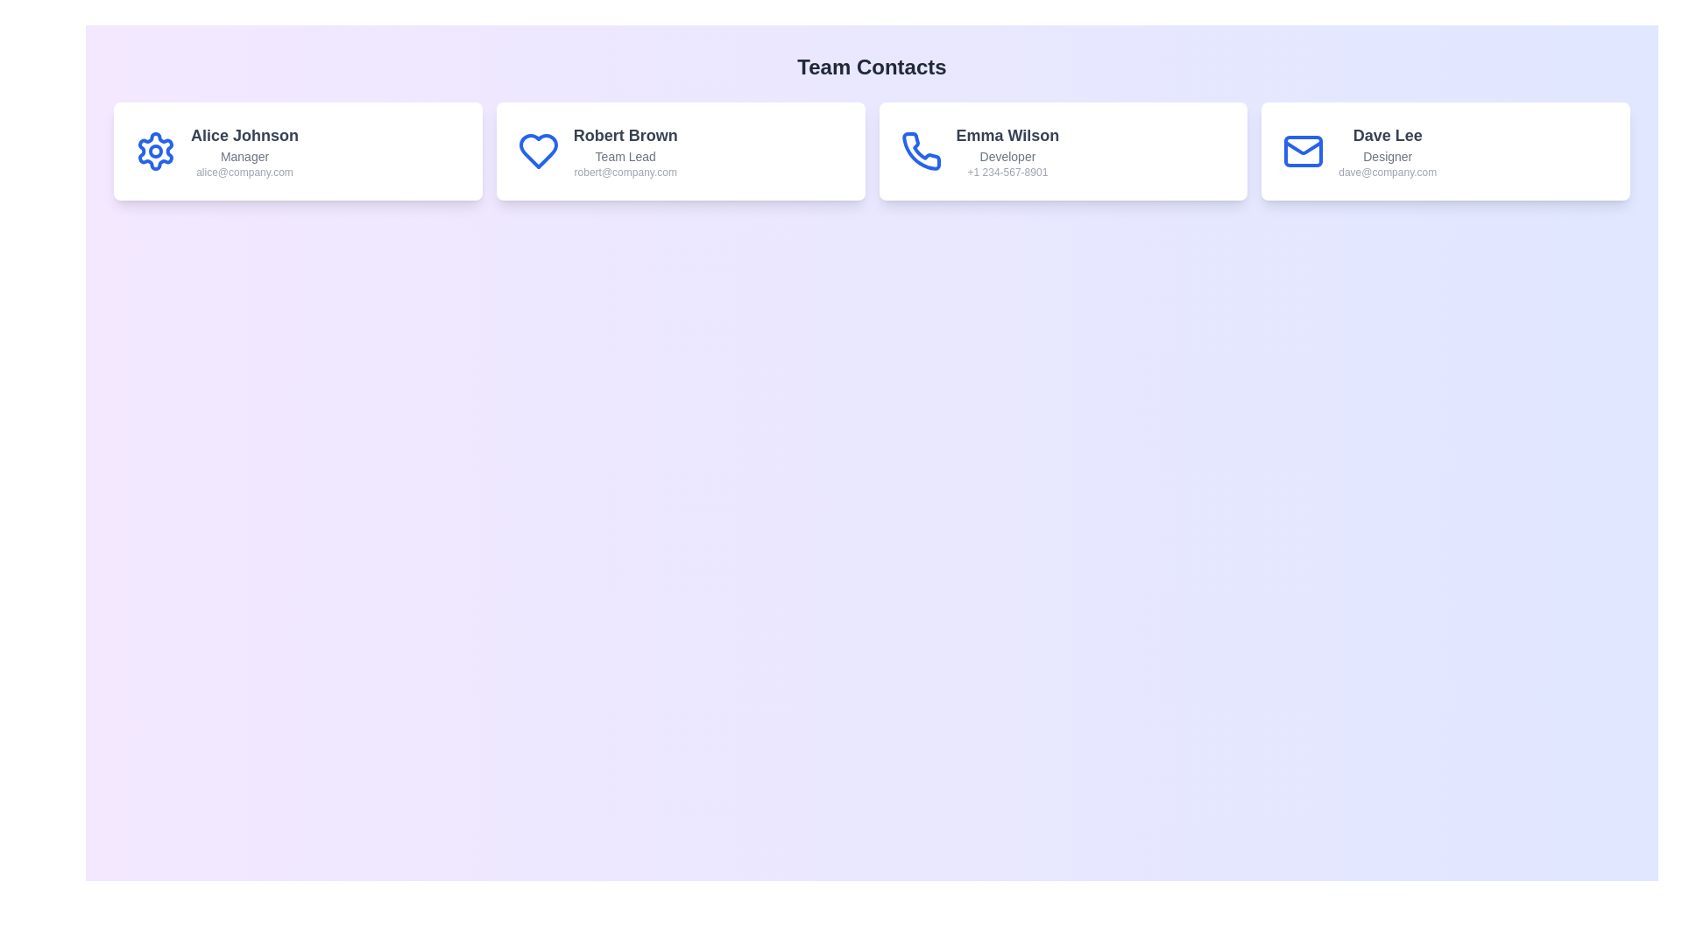  What do you see at coordinates (625, 151) in the screenshot?
I see `the text block displaying personal information for 'Robert Brown', which includes his name, role, and email address, located inside the second white card in the 'Team Contacts' section` at bounding box center [625, 151].